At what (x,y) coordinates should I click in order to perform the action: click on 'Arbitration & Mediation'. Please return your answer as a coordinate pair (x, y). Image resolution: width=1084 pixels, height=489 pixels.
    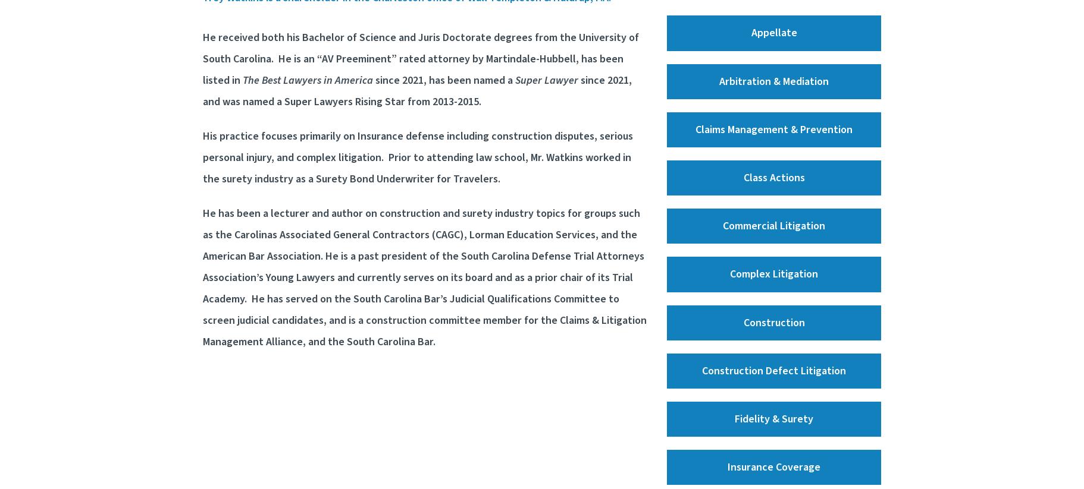
    Looking at the image, I should click on (773, 81).